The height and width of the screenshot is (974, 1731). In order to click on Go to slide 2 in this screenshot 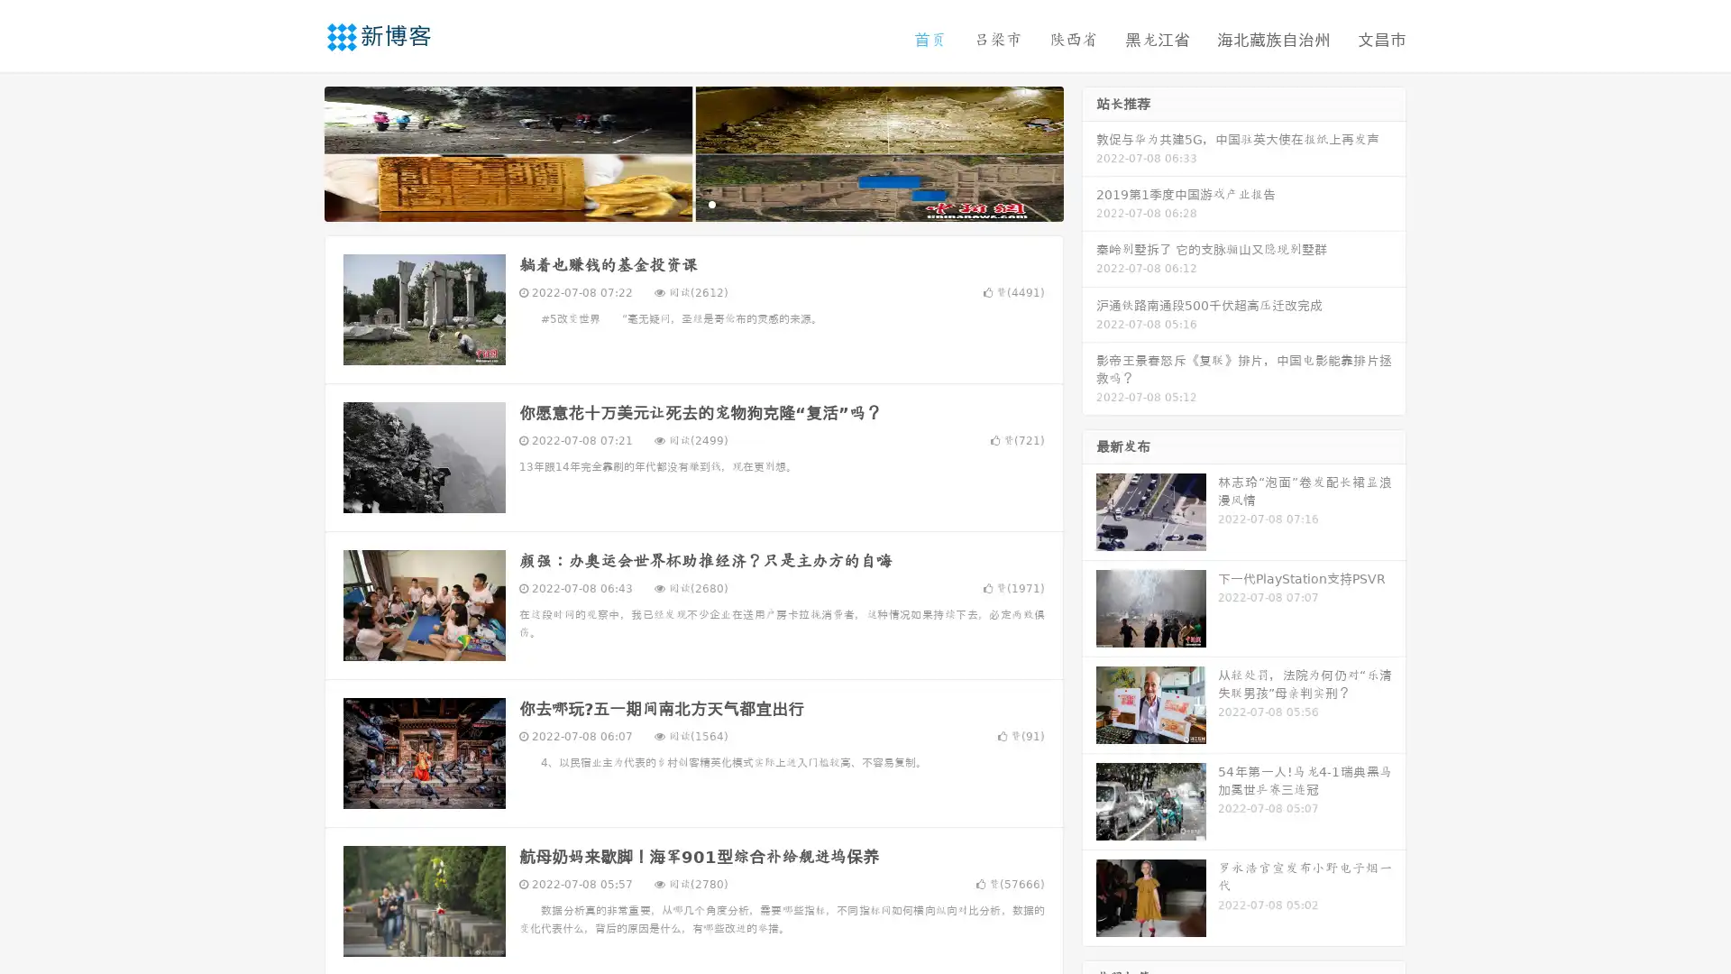, I will do `click(692, 203)`.